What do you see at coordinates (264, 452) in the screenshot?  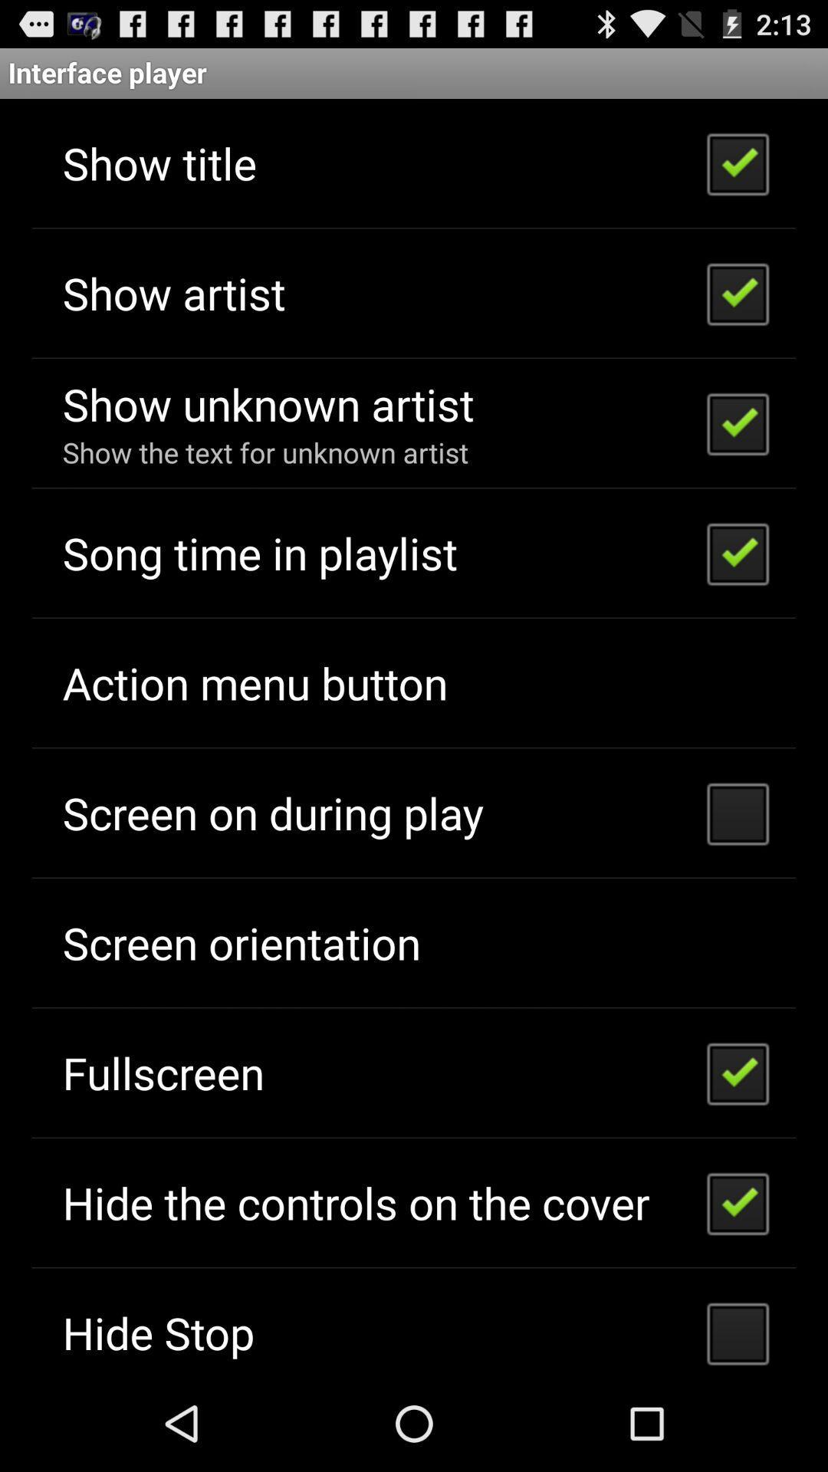 I see `the icon above song time in item` at bounding box center [264, 452].